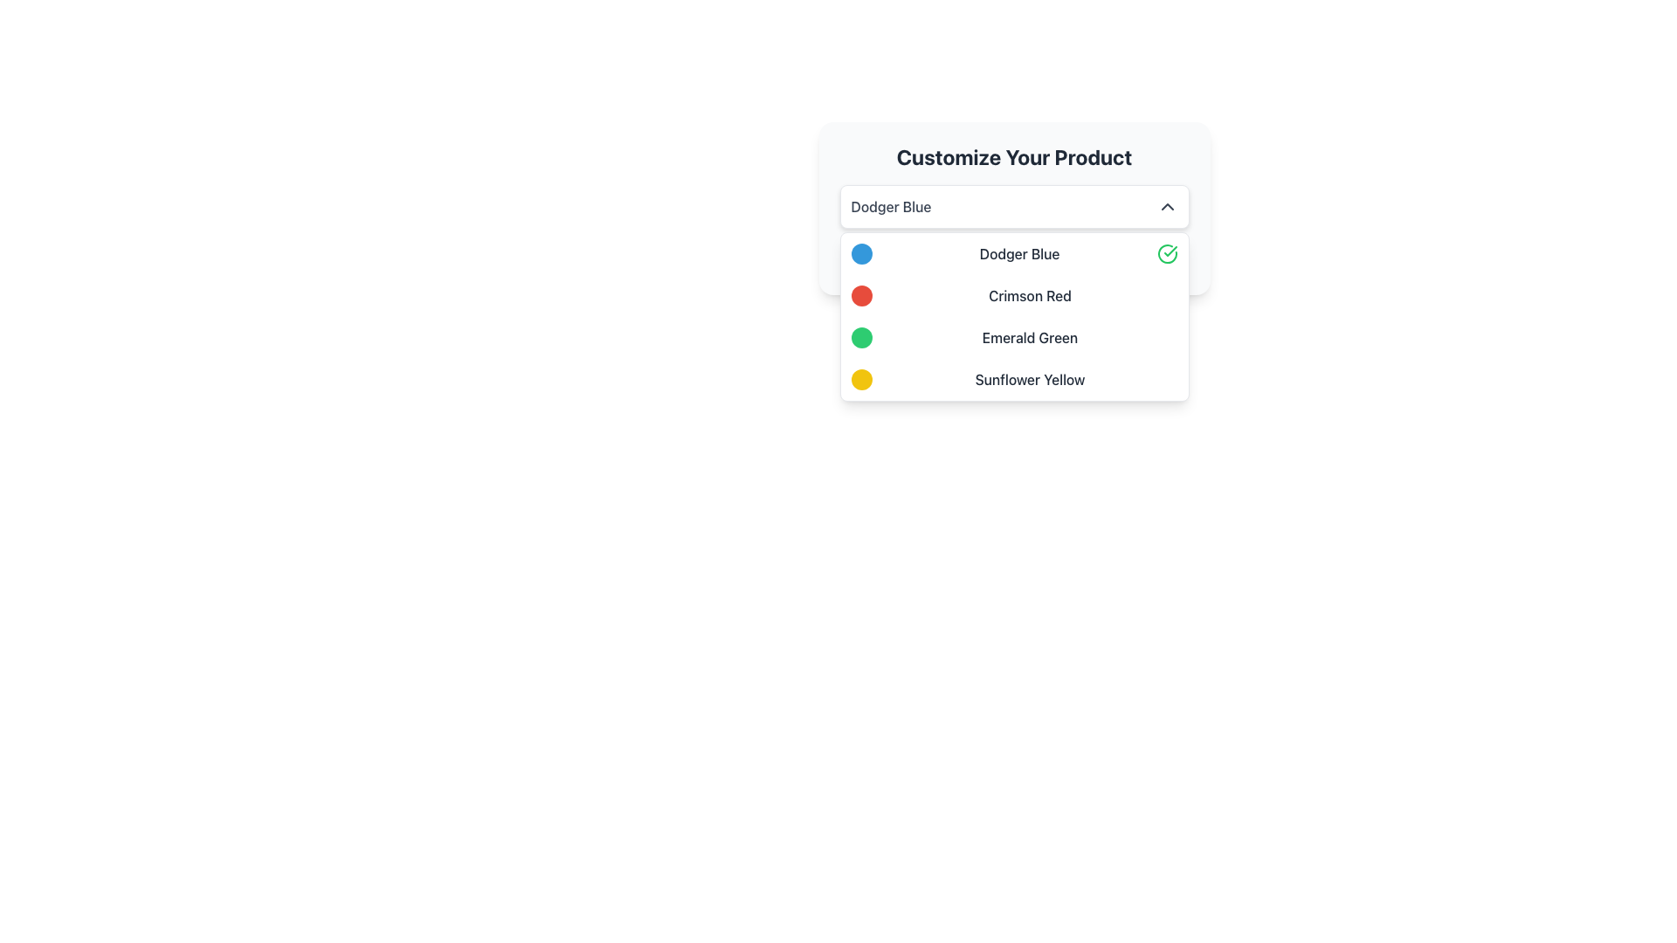 Image resolution: width=1677 pixels, height=943 pixels. I want to click on the text label that describes a color option in the dropdown menu, located to the right of the green circular color indicator, so click(1030, 337).